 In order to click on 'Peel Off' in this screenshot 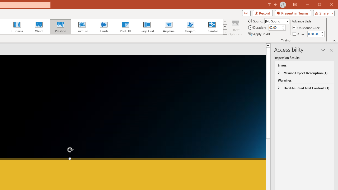, I will do `click(125, 26)`.